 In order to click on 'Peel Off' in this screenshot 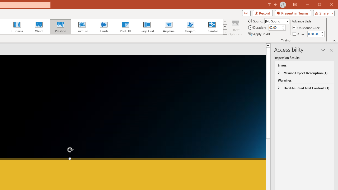, I will do `click(125, 26)`.